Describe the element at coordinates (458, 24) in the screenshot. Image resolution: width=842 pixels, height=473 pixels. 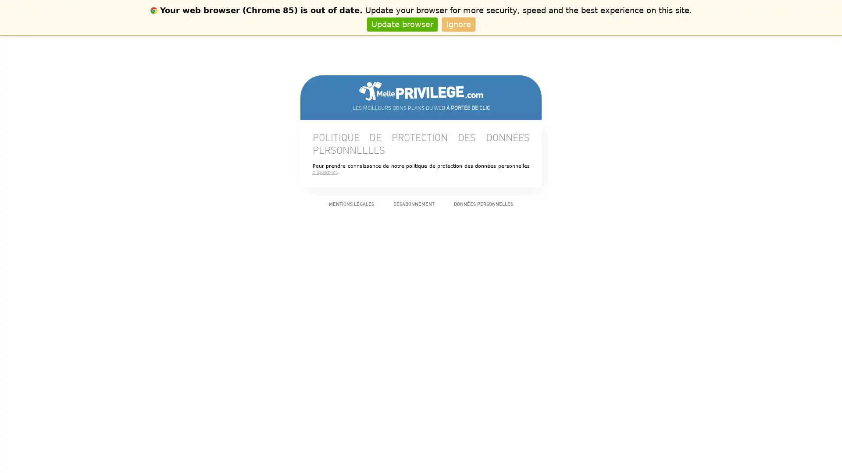
I see `Ignore` at that location.